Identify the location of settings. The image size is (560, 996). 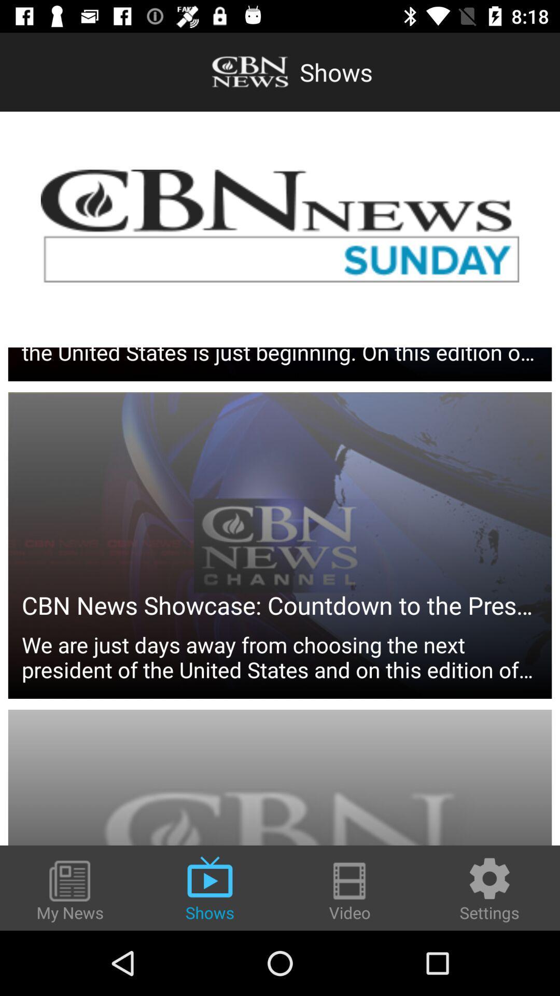
(489, 888).